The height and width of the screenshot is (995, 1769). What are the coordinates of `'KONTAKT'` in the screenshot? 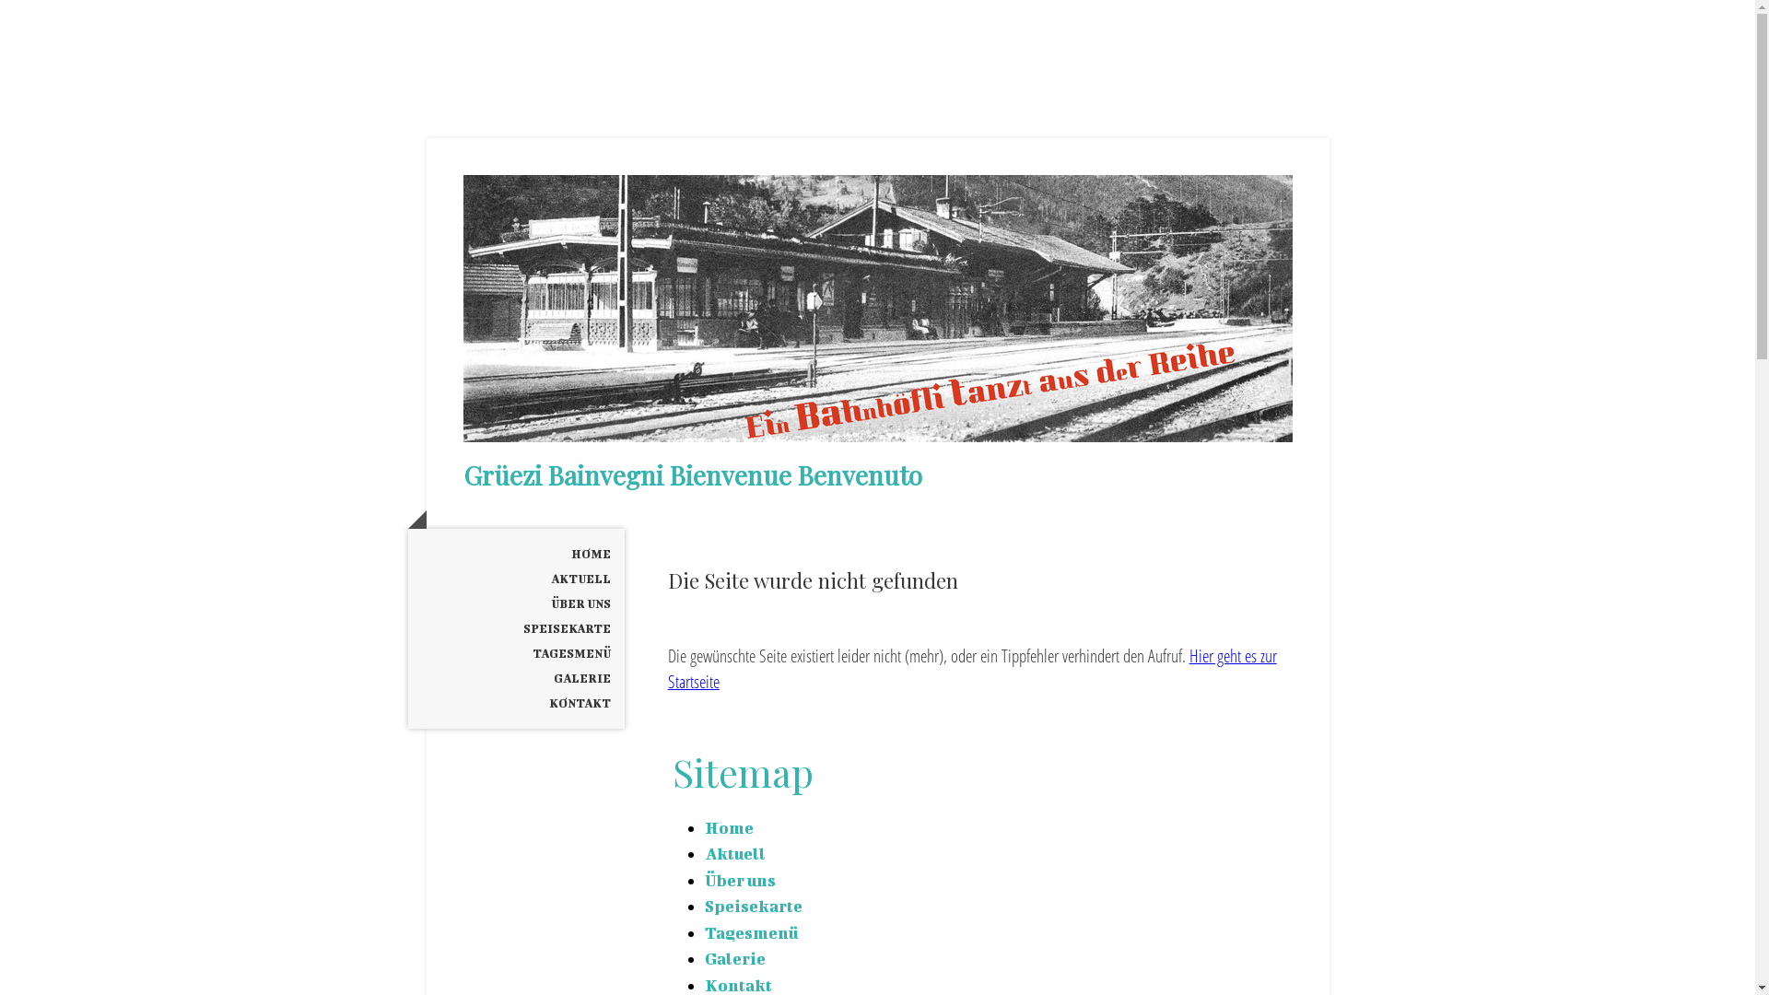 It's located at (515, 703).